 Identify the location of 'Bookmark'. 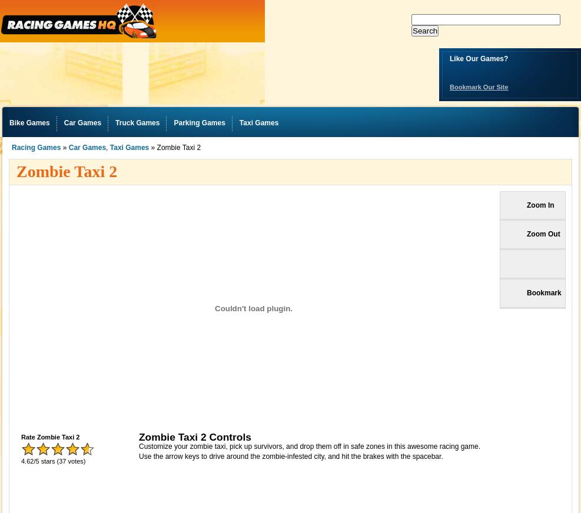
(544, 292).